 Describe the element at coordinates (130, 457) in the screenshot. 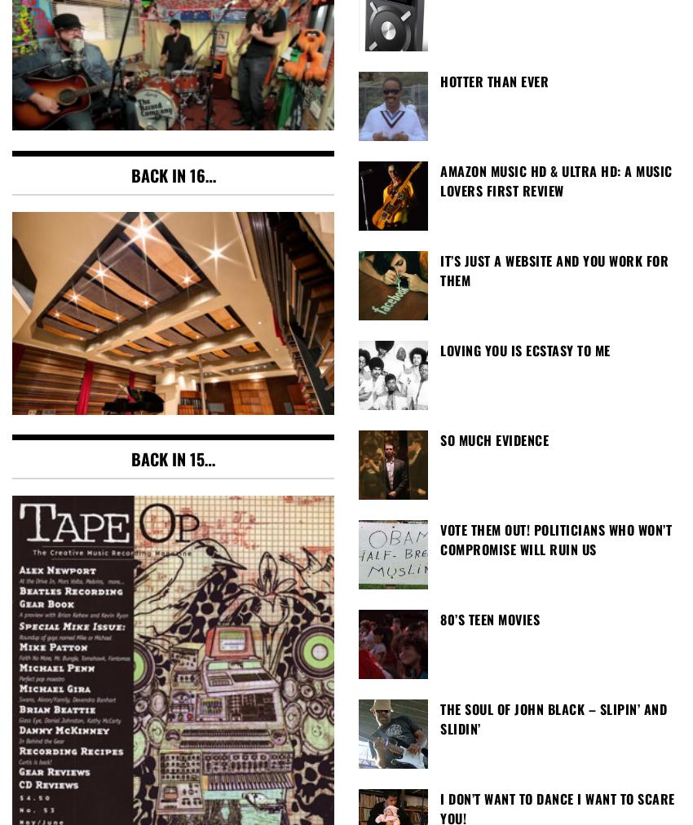

I see `'Back in 15…'` at that location.